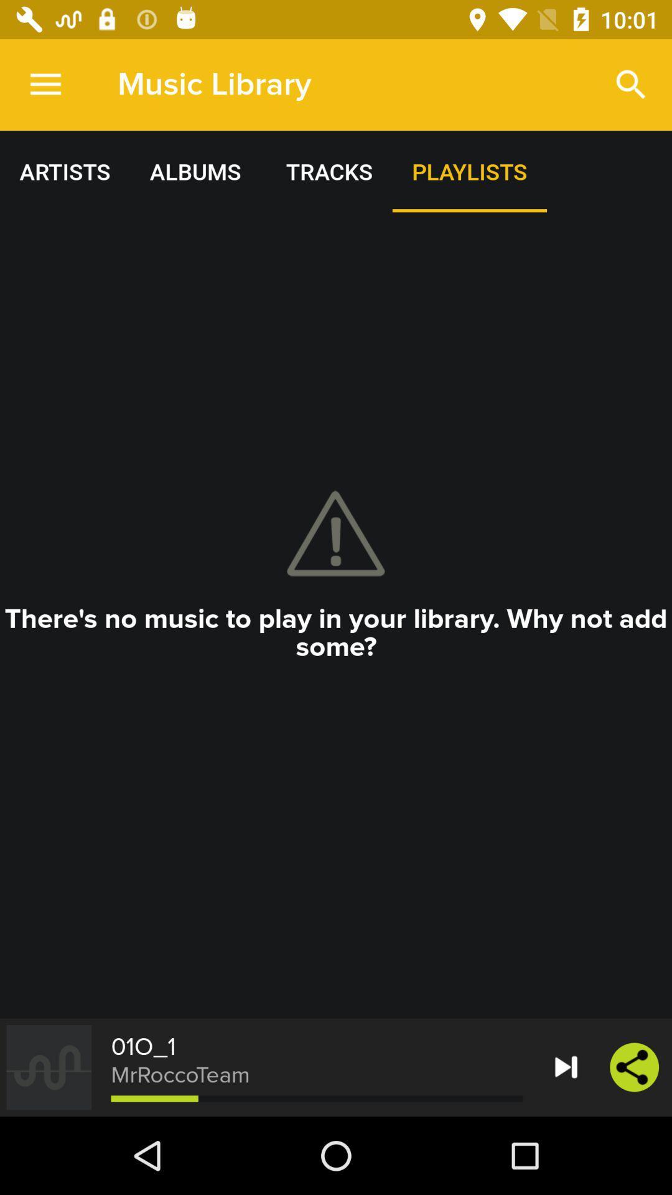 This screenshot has height=1195, width=672. Describe the element at coordinates (634, 1066) in the screenshot. I see `the share icon` at that location.